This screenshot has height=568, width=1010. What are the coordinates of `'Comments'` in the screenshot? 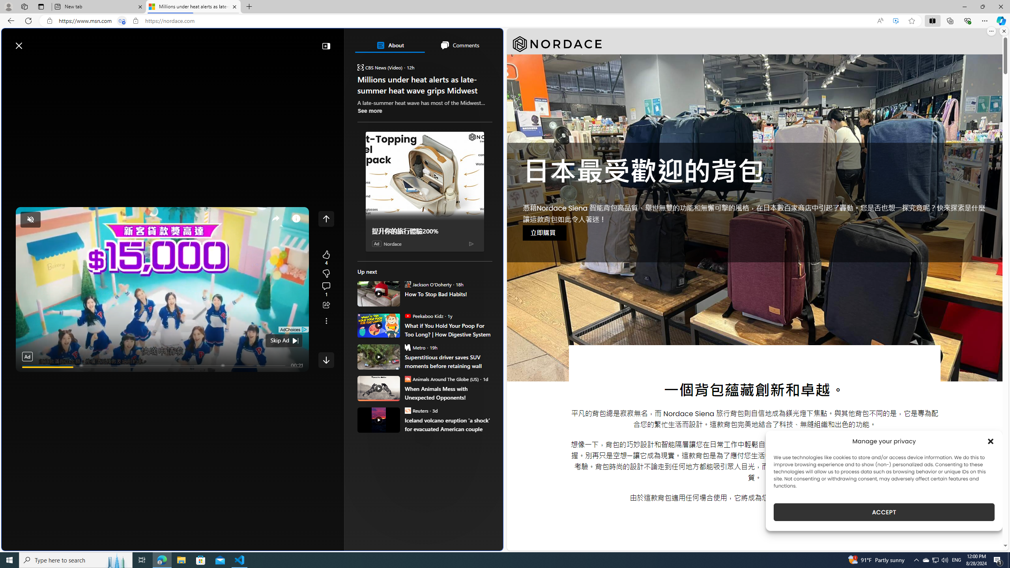 It's located at (459, 45).